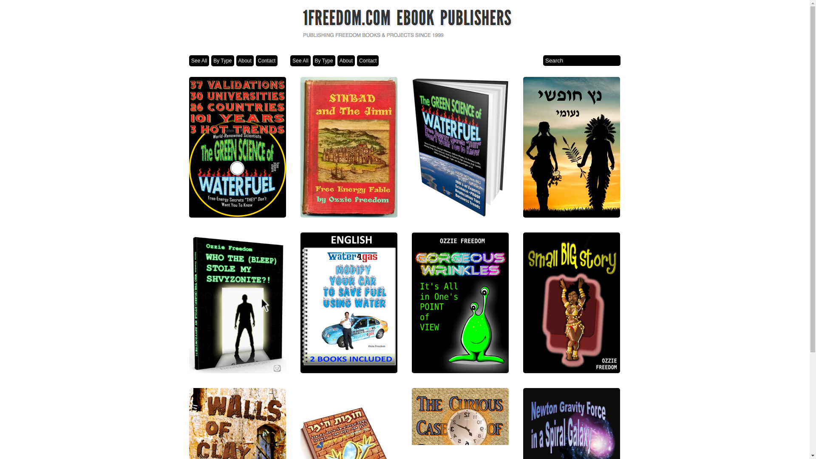  What do you see at coordinates (198, 60) in the screenshot?
I see `'See All'` at bounding box center [198, 60].